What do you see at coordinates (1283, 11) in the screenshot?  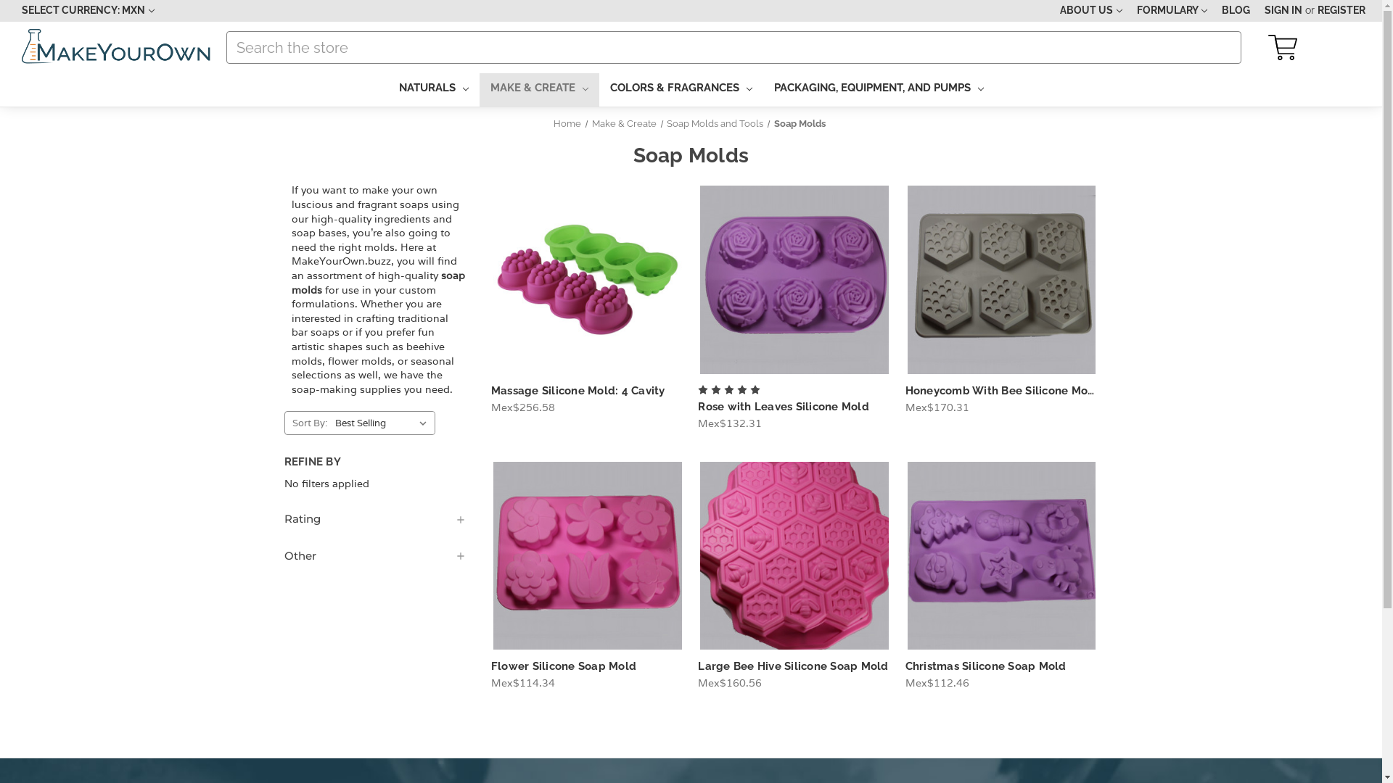 I see `'SIGN IN'` at bounding box center [1283, 11].